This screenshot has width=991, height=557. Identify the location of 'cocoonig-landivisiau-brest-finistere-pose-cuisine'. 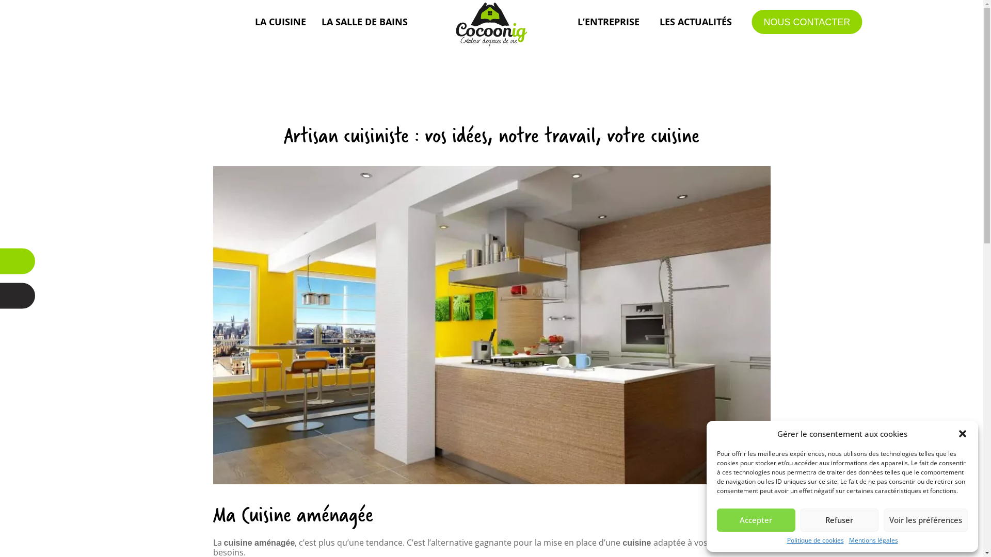
(212, 325).